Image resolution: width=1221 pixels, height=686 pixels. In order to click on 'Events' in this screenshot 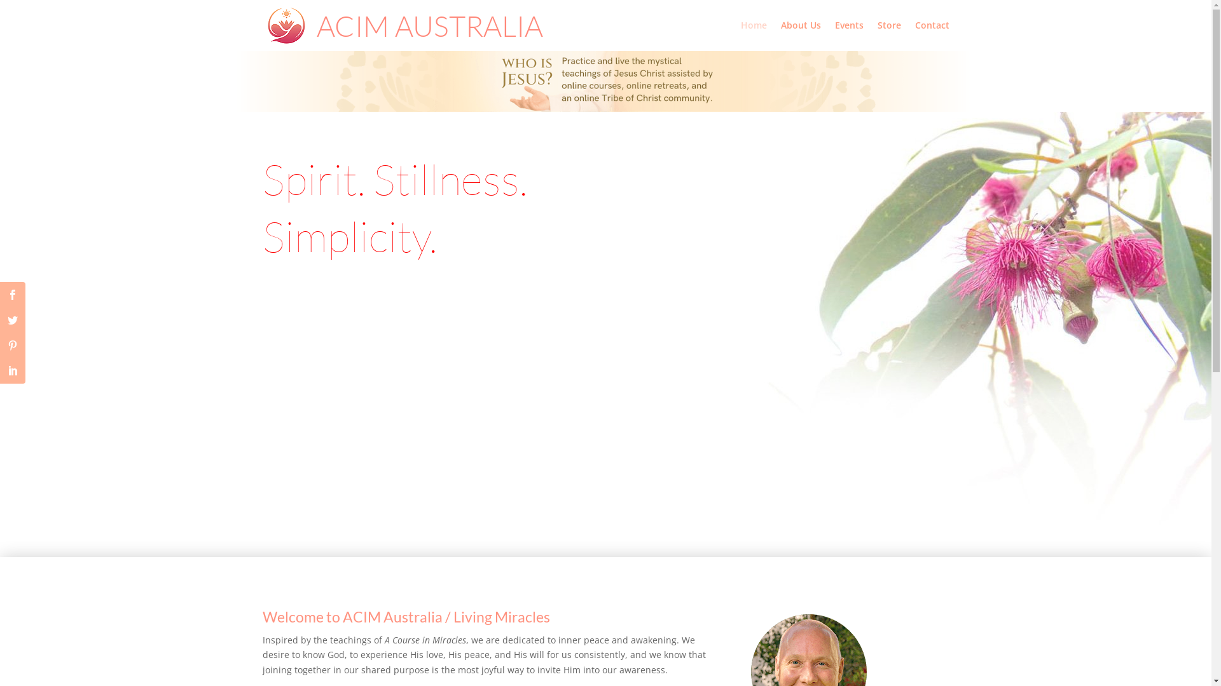, I will do `click(848, 35)`.